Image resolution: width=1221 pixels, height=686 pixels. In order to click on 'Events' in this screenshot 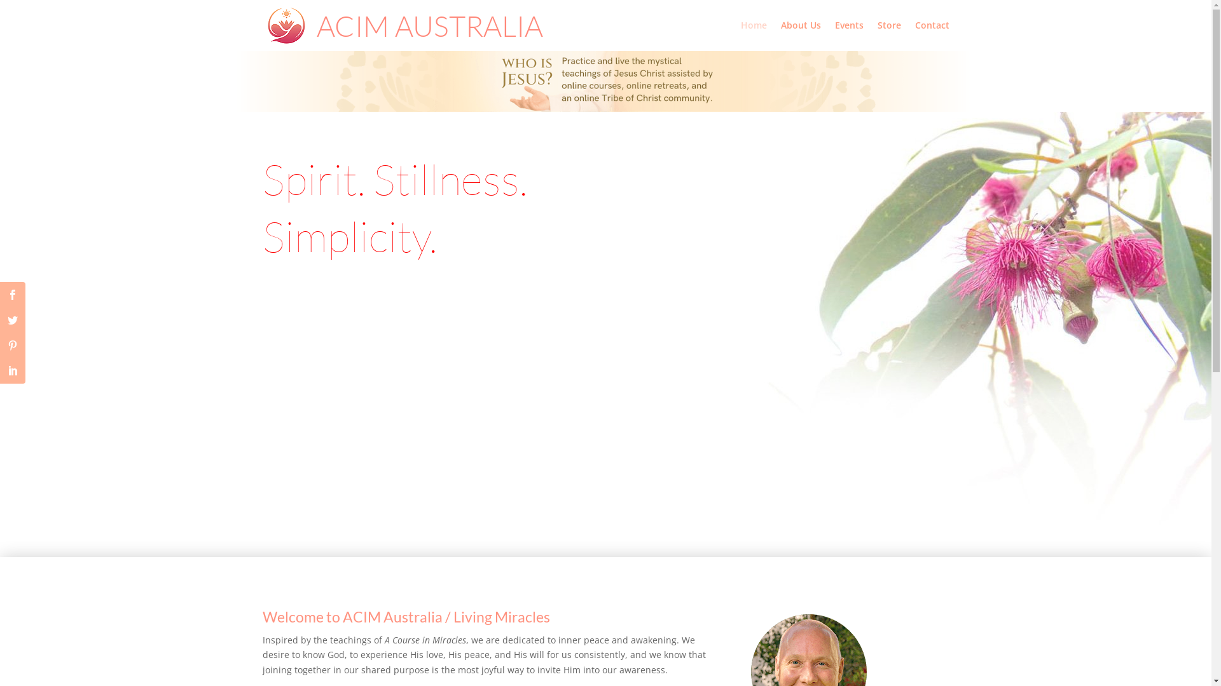, I will do `click(848, 35)`.